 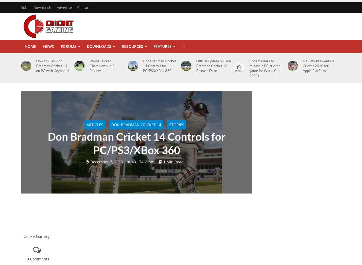 What do you see at coordinates (95, 124) in the screenshot?
I see `'Articles'` at bounding box center [95, 124].